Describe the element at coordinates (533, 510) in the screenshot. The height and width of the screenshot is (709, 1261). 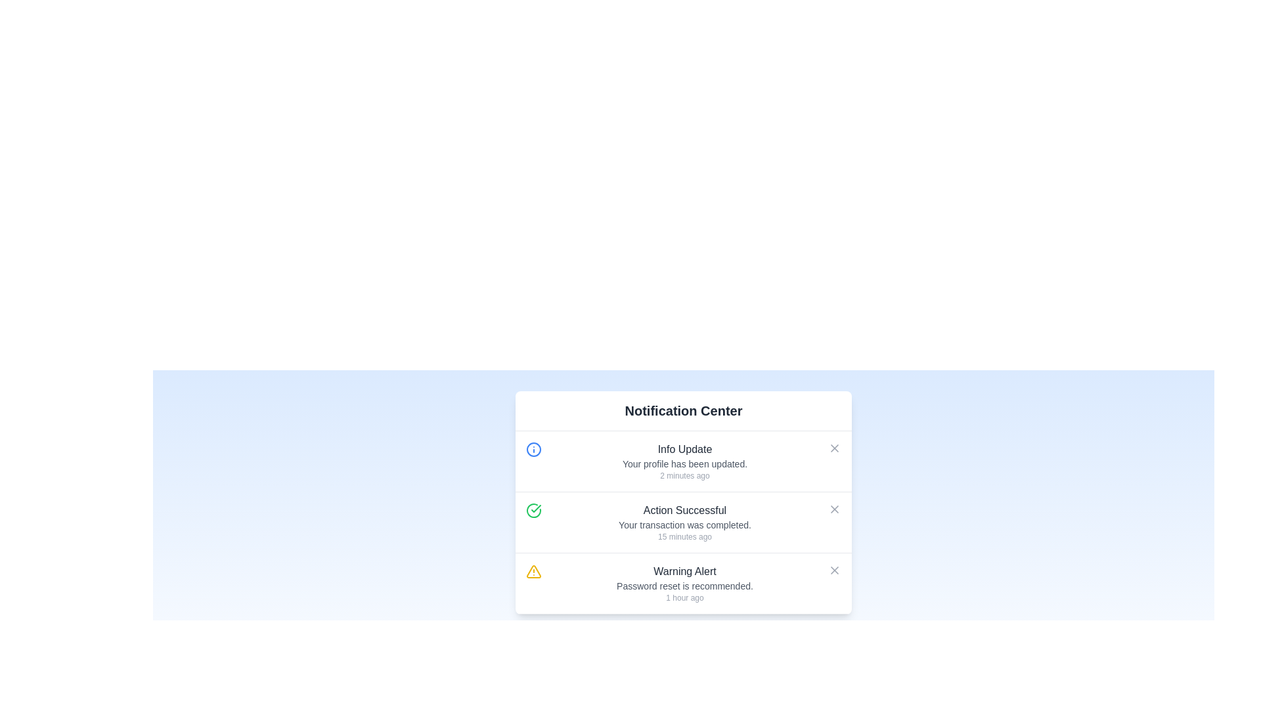
I see `the status represented by the icon located to the left of the text 'Action Successful' in the middle row of the notification list` at that location.